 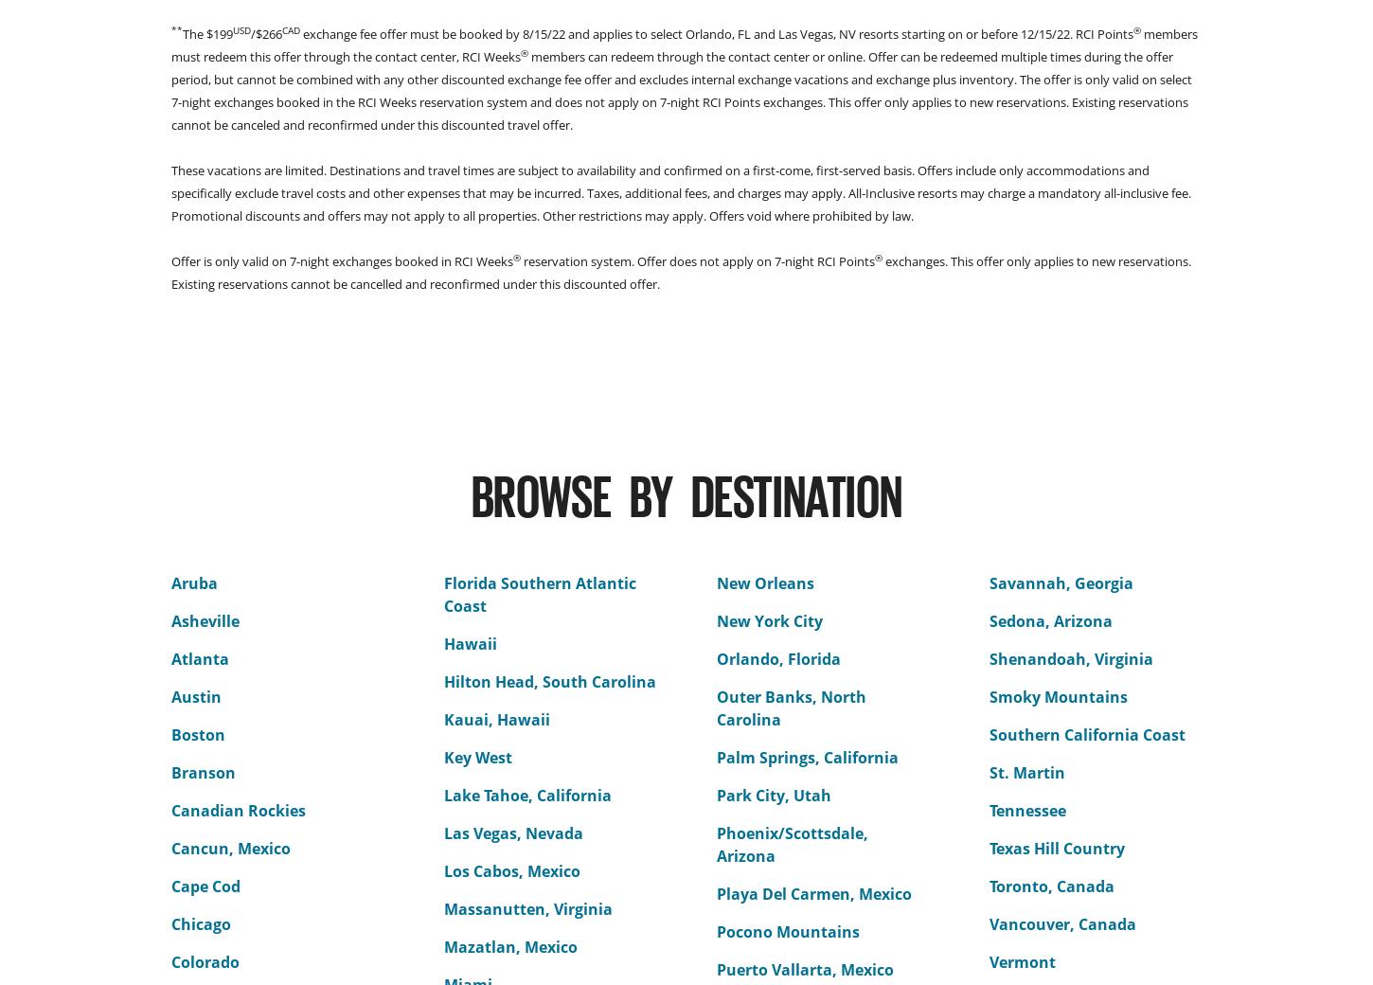 What do you see at coordinates (685, 492) in the screenshot?
I see `'Browse by Destination'` at bounding box center [685, 492].